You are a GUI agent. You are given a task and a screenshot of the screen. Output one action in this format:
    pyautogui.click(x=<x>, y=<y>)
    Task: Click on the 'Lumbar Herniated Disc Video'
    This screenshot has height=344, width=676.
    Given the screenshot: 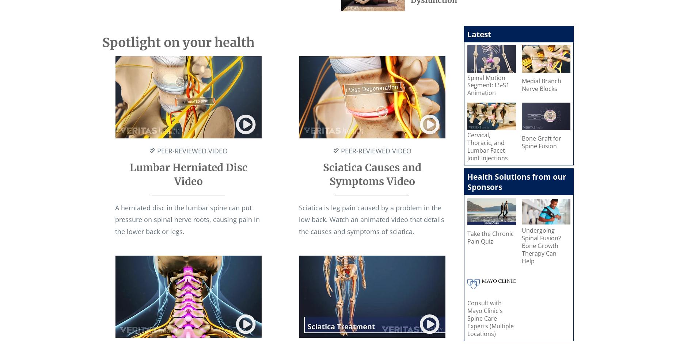 What is the action you would take?
    pyautogui.click(x=188, y=174)
    